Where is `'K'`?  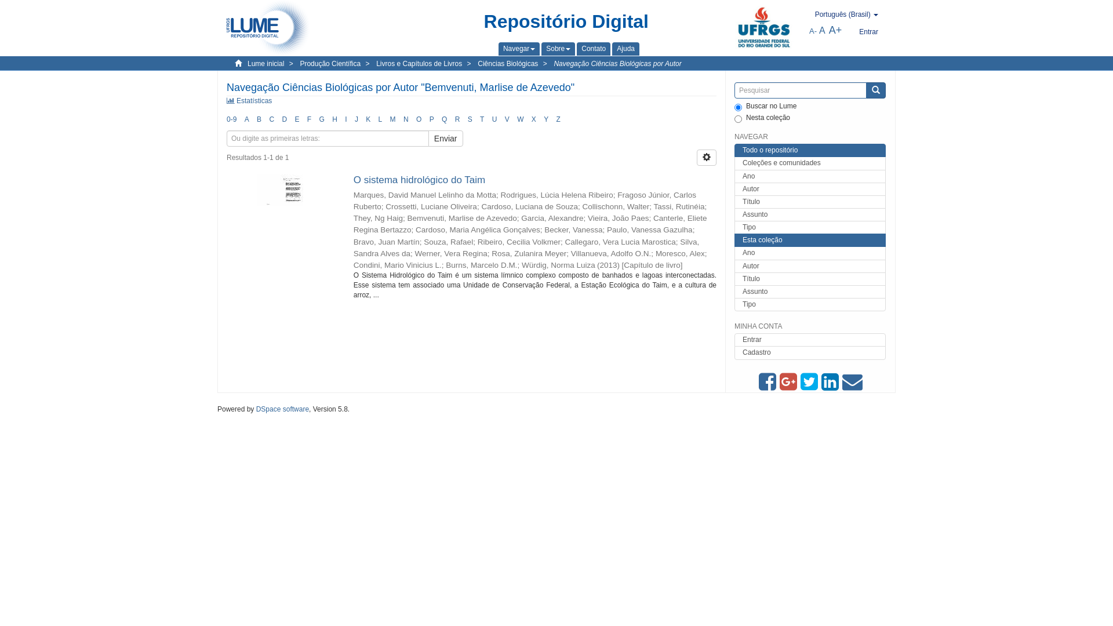 'K' is located at coordinates (367, 119).